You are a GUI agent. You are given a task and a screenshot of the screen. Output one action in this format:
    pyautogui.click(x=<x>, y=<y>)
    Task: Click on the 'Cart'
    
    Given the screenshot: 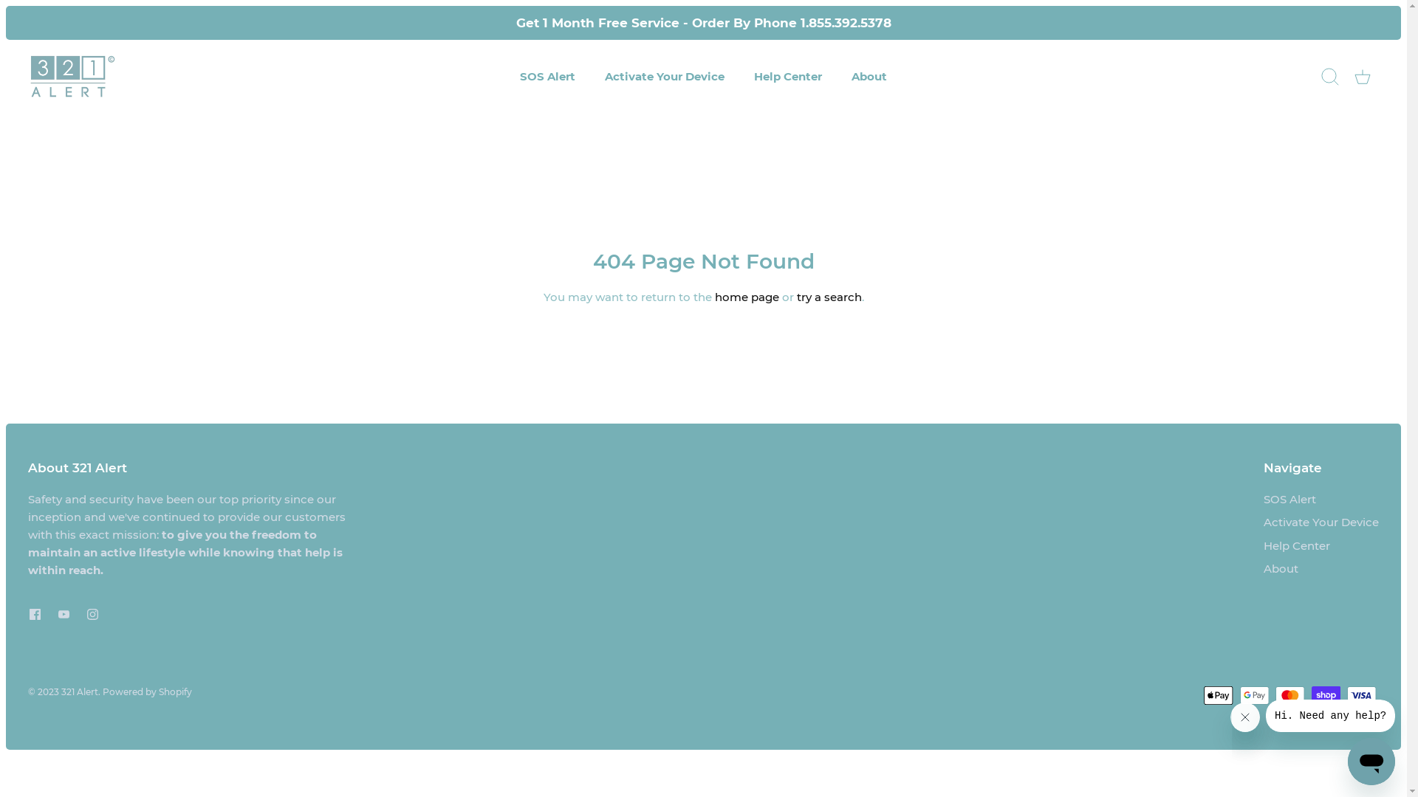 What is the action you would take?
    pyautogui.click(x=1361, y=77)
    